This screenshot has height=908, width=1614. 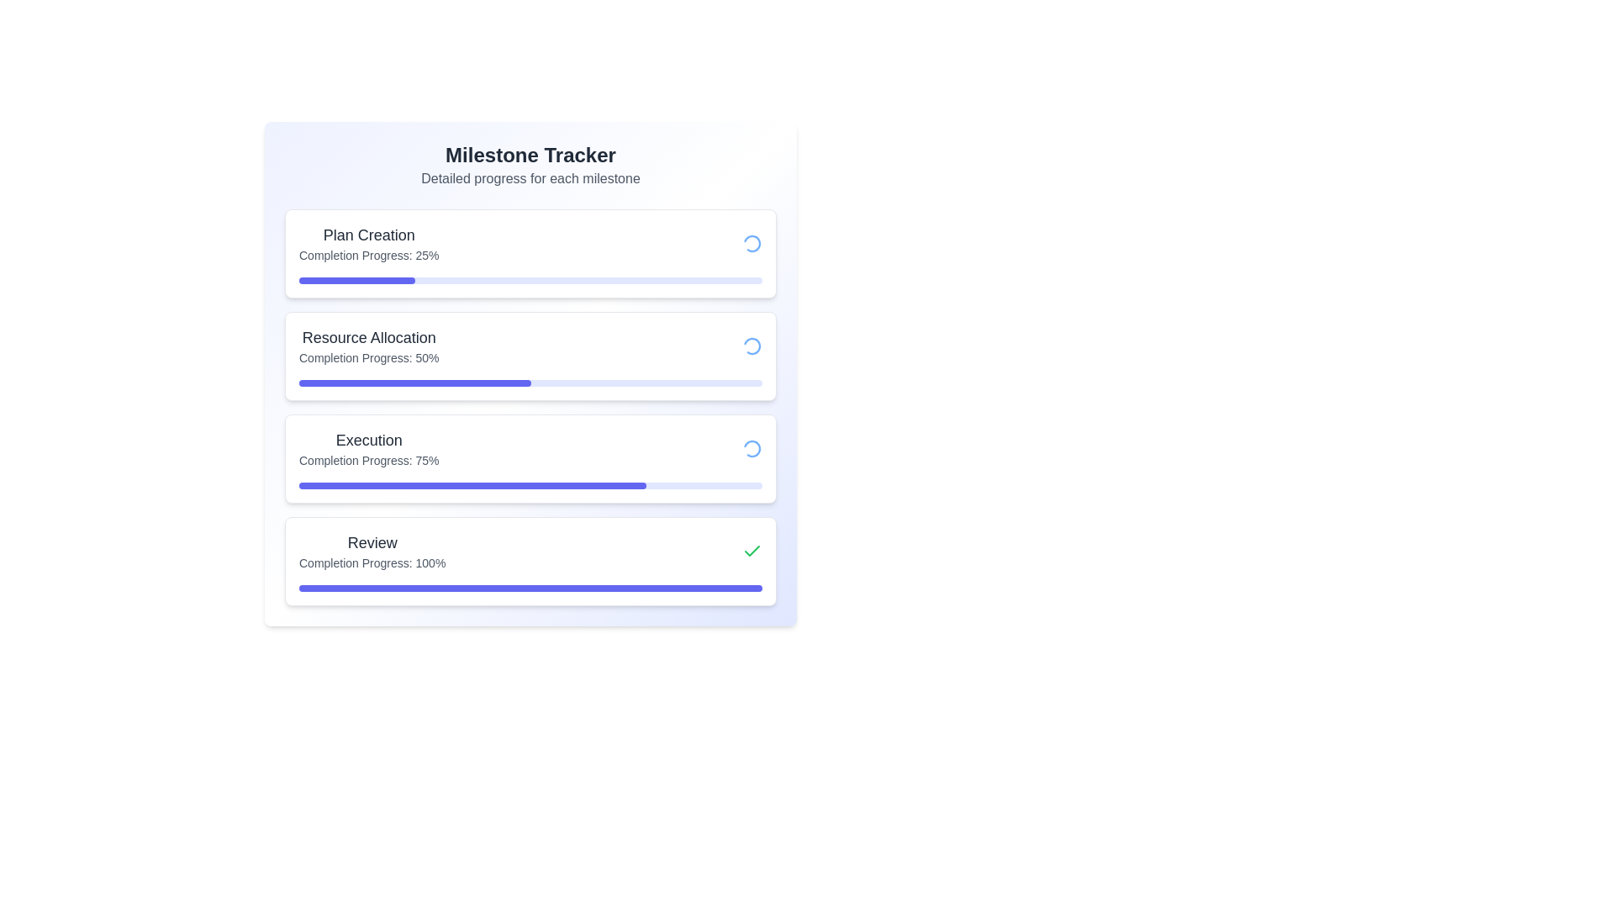 What do you see at coordinates (368, 356) in the screenshot?
I see `the text label indicating that the 'Resource Allocation' milestone is 50% complete, located below the section title in the top-right quadrant` at bounding box center [368, 356].